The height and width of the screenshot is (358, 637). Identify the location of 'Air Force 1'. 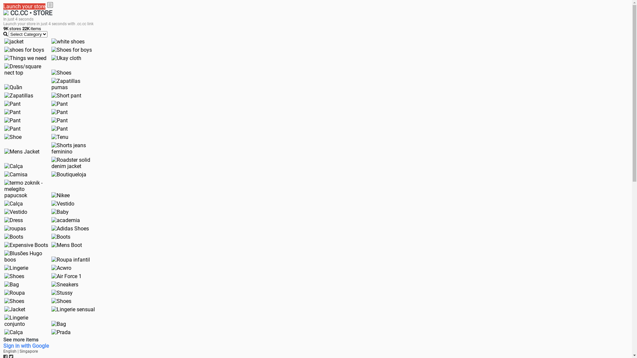
(66, 276).